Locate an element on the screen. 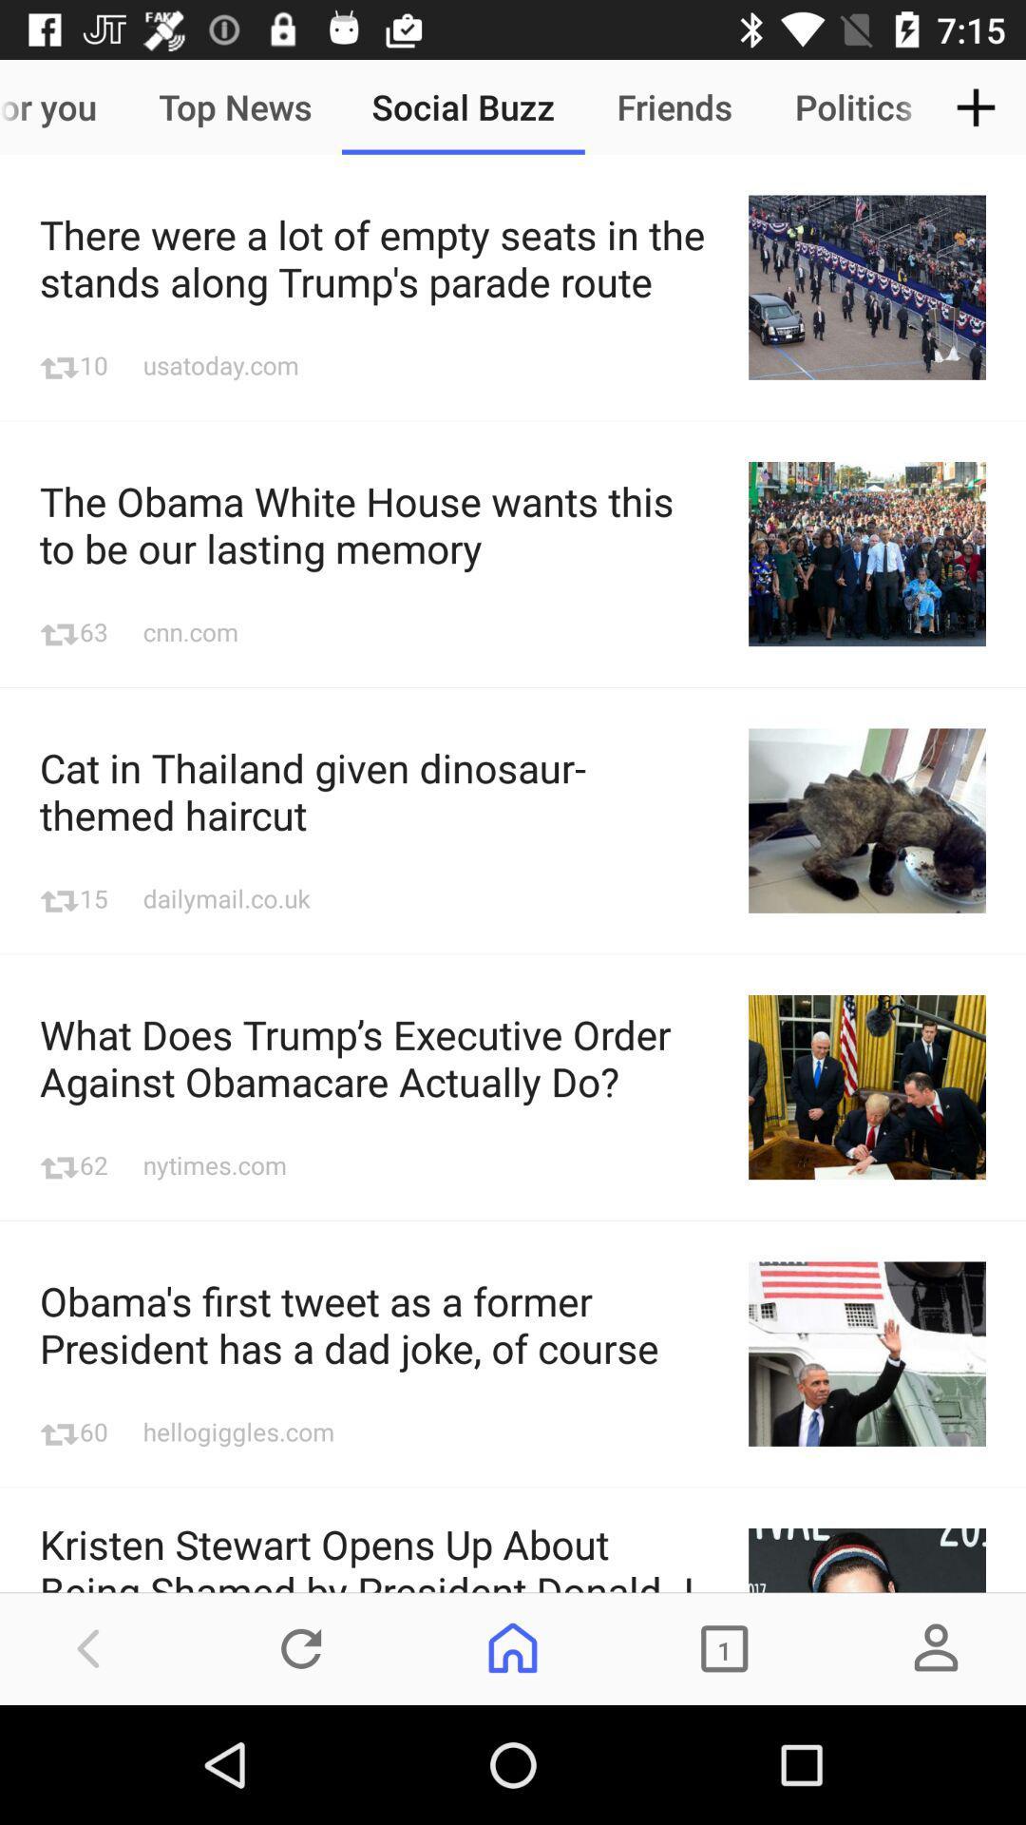 Image resolution: width=1026 pixels, height=1825 pixels. the home icon is located at coordinates (513, 1647).